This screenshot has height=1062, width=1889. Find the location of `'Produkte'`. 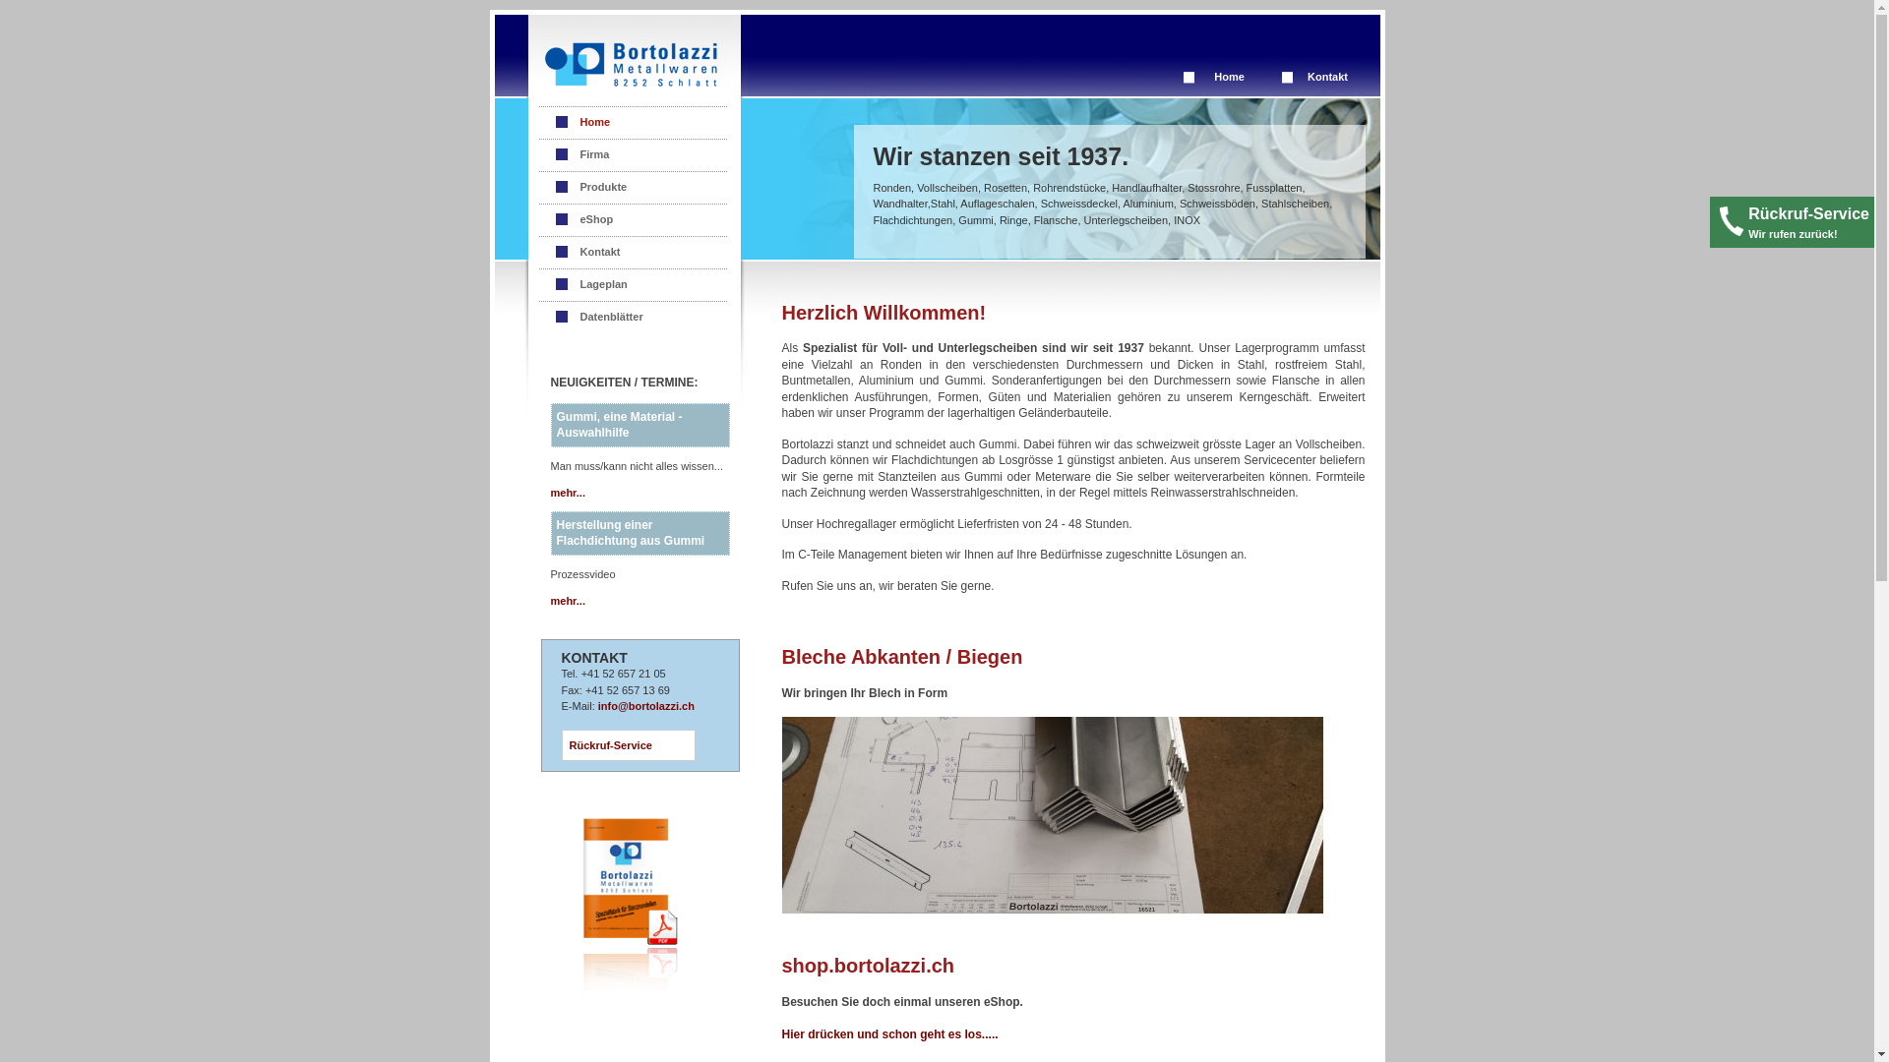

'Produkte' is located at coordinates (530, 187).